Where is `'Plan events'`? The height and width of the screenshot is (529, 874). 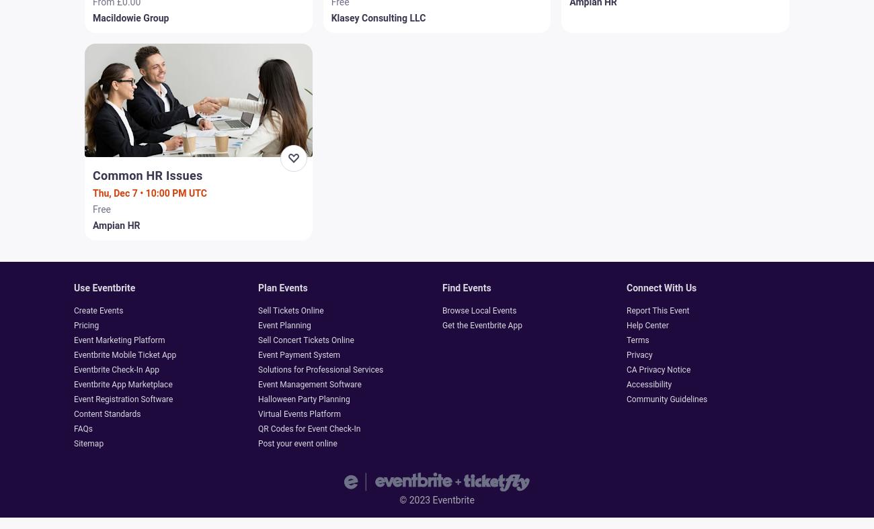
'Plan events' is located at coordinates (282, 287).